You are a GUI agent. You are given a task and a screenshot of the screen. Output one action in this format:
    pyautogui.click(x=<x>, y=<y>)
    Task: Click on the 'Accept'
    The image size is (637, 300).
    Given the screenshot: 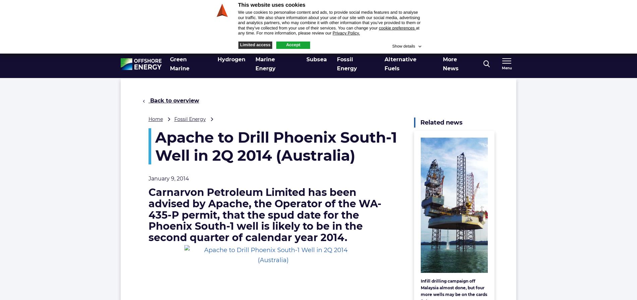 What is the action you would take?
    pyautogui.click(x=293, y=44)
    